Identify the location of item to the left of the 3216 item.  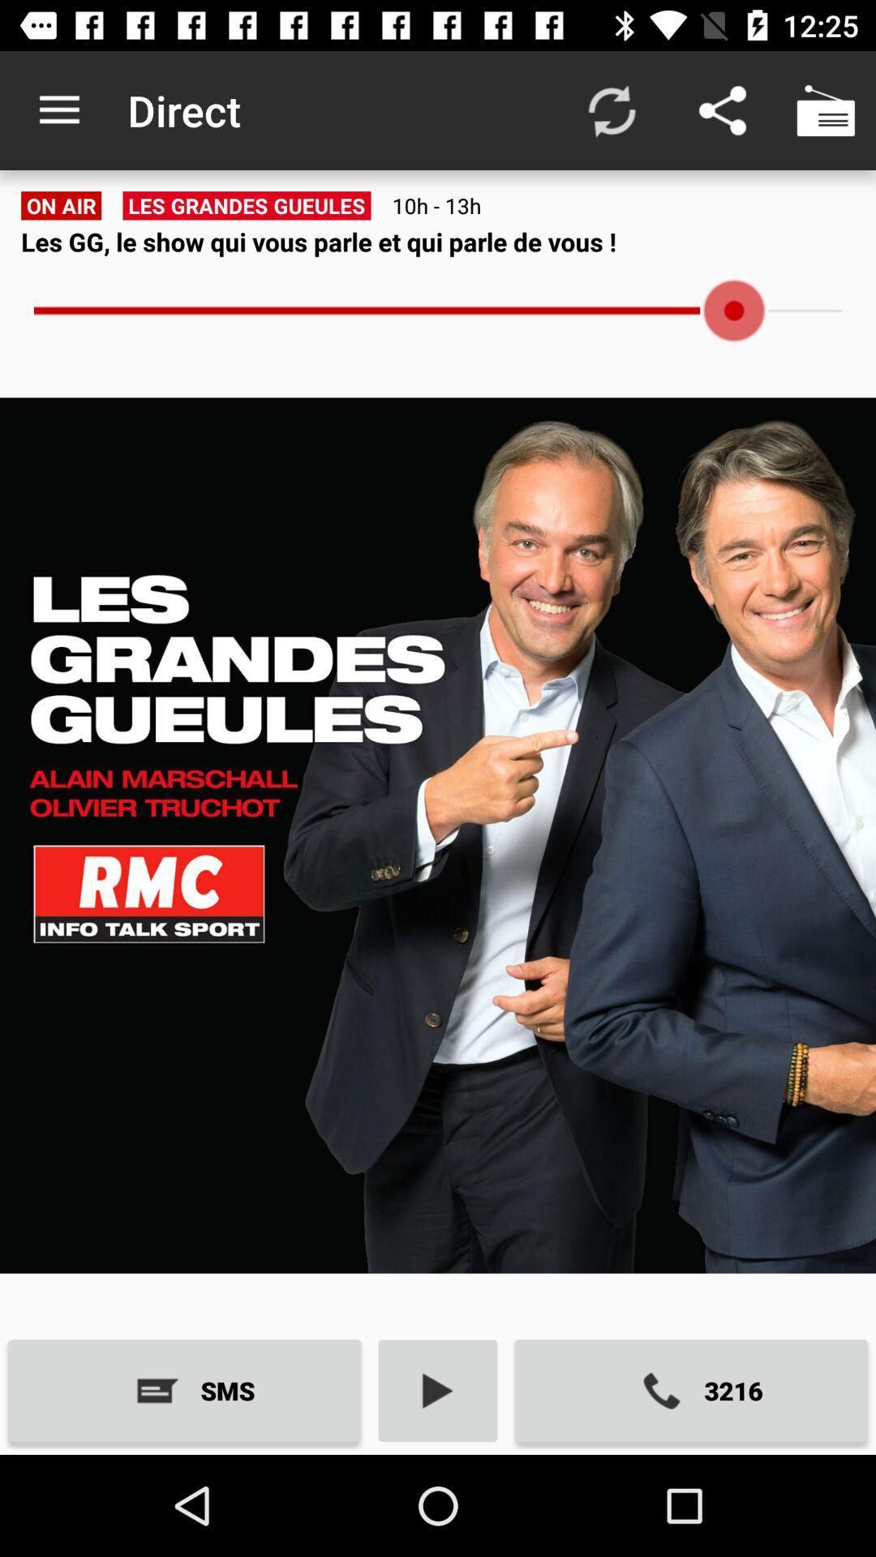
(438, 1390).